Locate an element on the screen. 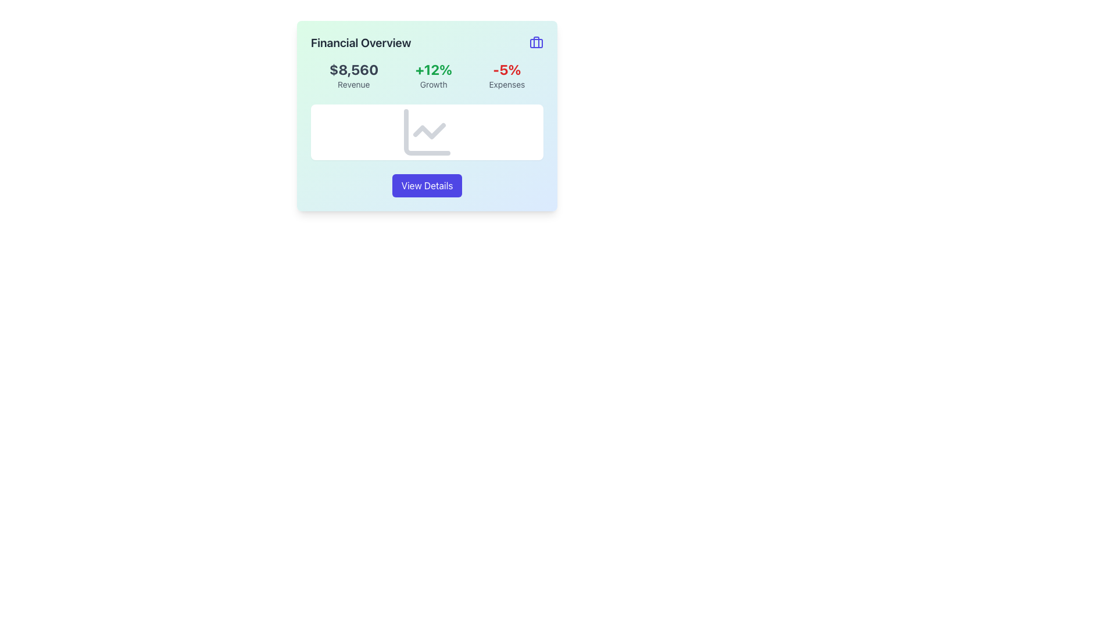 This screenshot has height=627, width=1116. the decorative SVG graphic that represents a zig-zag line in the financial data overview, located centrally within the box, below the growth and revenue labels, and above the 'View Details' button is located at coordinates (429, 131).